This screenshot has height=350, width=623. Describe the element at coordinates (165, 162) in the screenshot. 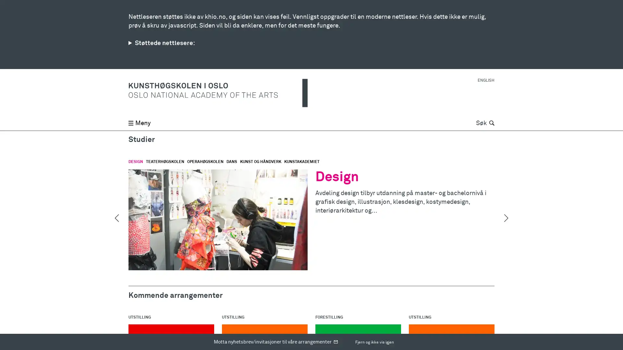

I see `TEATERHGSKOLEN` at that location.